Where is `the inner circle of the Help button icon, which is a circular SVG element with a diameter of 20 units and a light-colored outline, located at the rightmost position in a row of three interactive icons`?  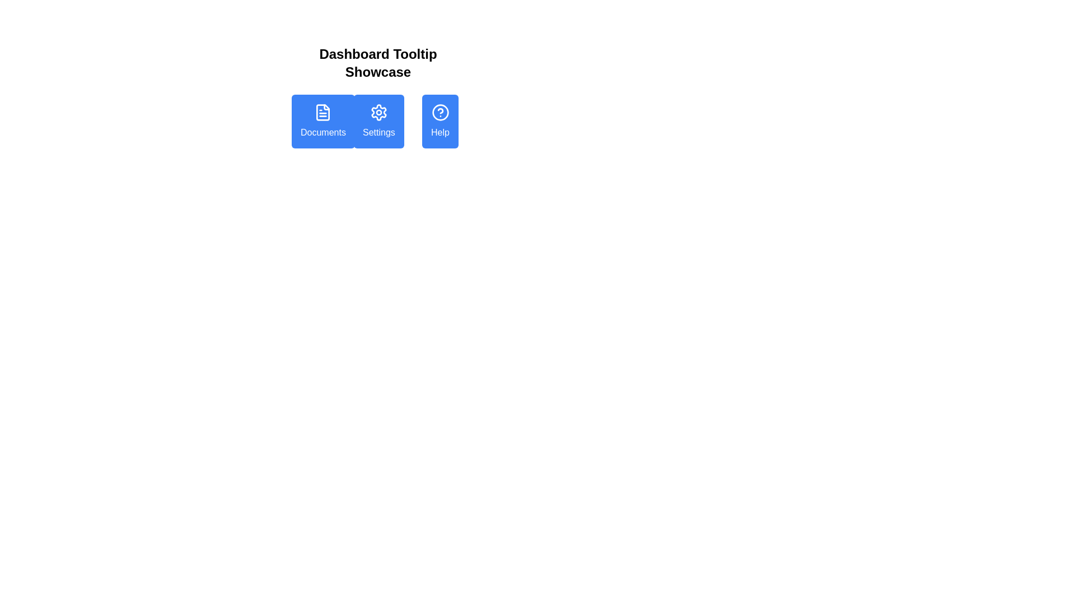 the inner circle of the Help button icon, which is a circular SVG element with a diameter of 20 units and a light-colored outline, located at the rightmost position in a row of three interactive icons is located at coordinates (440, 112).